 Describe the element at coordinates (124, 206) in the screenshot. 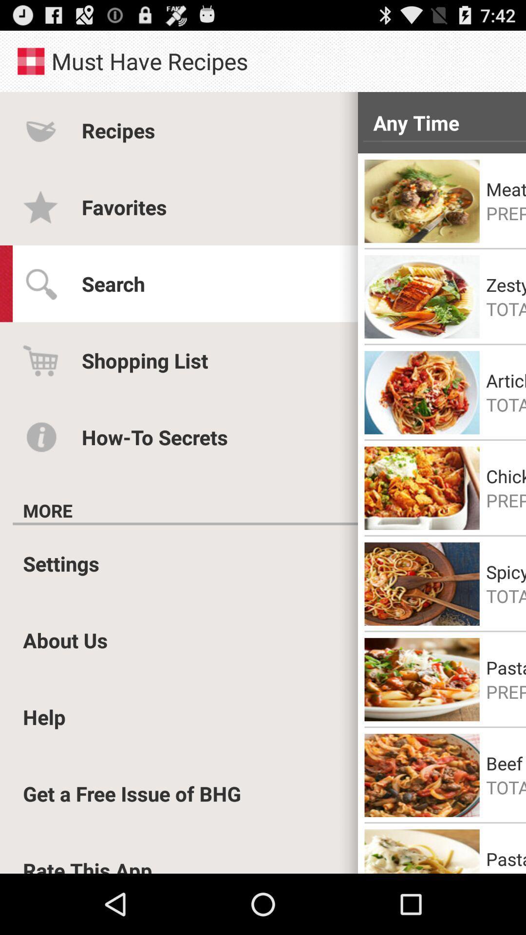

I see `favorites` at that location.